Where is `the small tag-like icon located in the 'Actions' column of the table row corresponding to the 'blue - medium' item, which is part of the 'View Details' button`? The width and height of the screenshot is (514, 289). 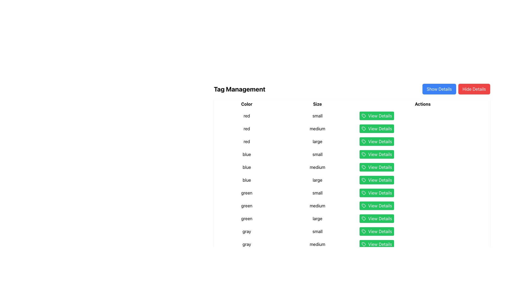
the small tag-like icon located in the 'Actions' column of the table row corresponding to the 'blue - medium' item, which is part of the 'View Details' button is located at coordinates (364, 167).